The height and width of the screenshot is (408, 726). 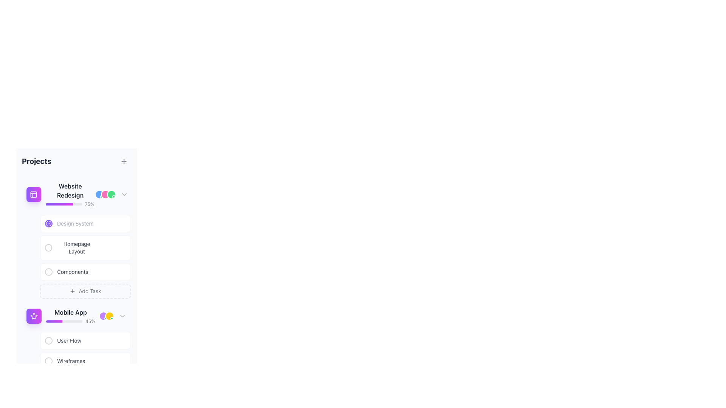 What do you see at coordinates (85, 247) in the screenshot?
I see `the 'Homepage Layout' list item, which is the second item in the 'Website Redesign' project section` at bounding box center [85, 247].